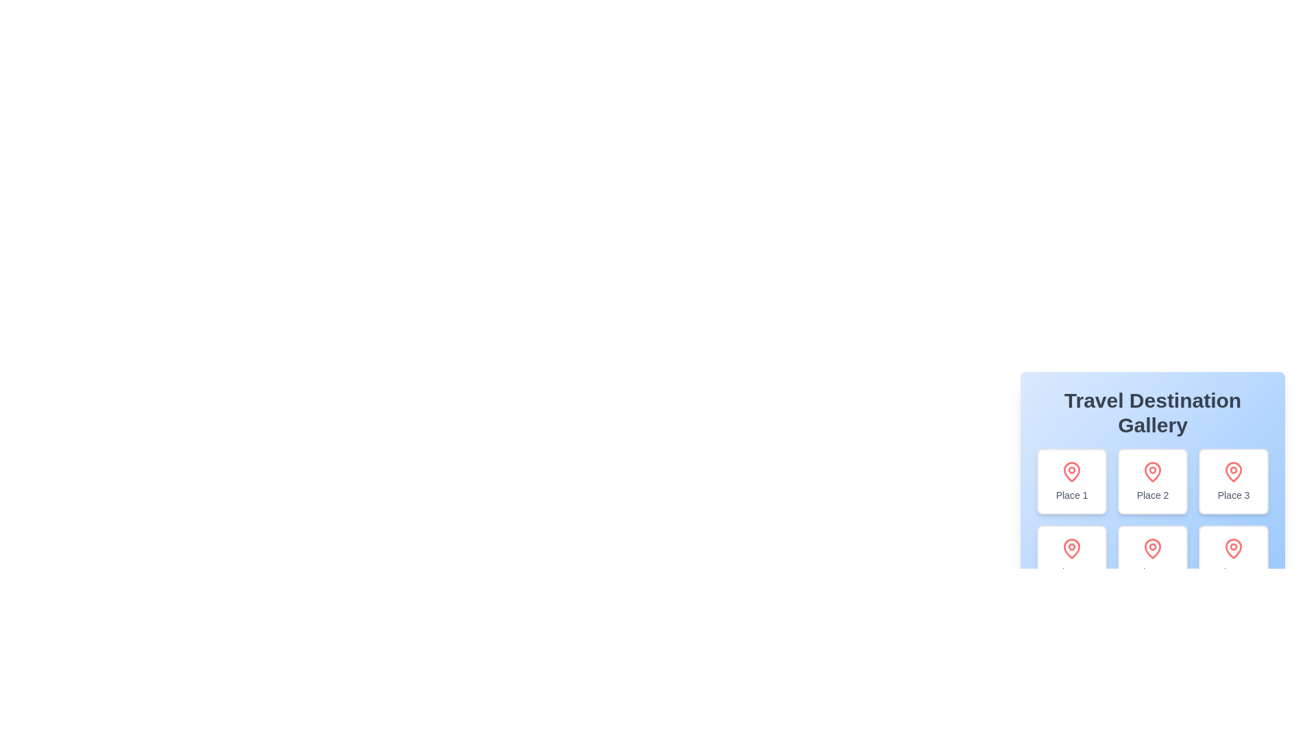 Image resolution: width=1316 pixels, height=740 pixels. What do you see at coordinates (1151, 412) in the screenshot?
I see `the title text element at the top center of the card-like layout` at bounding box center [1151, 412].